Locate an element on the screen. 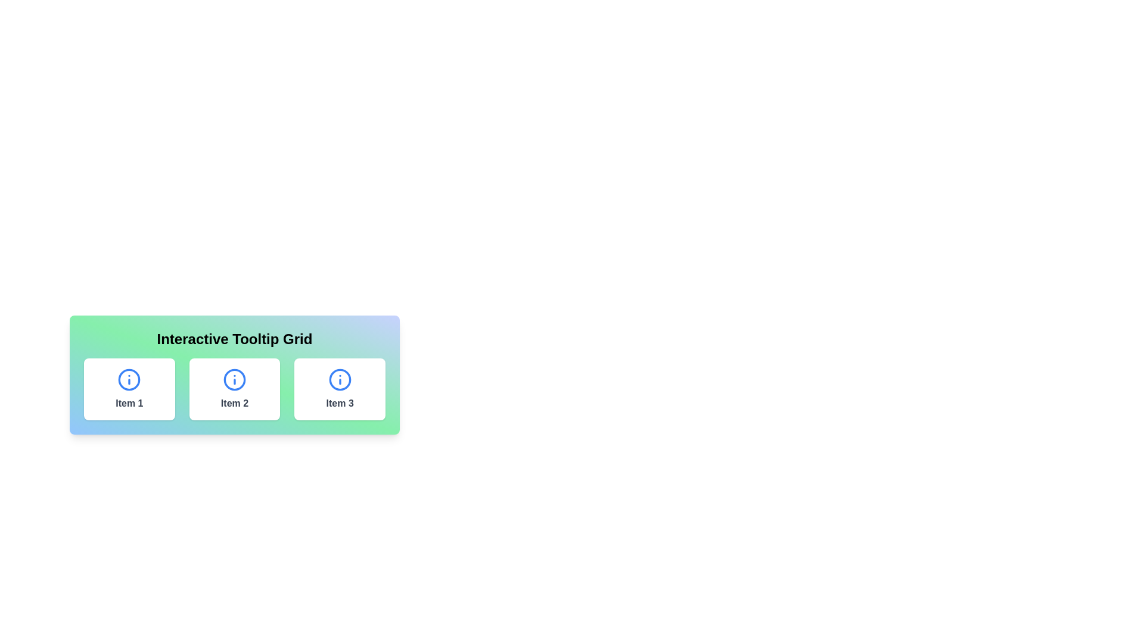 This screenshot has height=643, width=1144. the circular information icon button with a blue outline and 'i' character located at the top center of the 'Item 1' box is located at coordinates (129, 379).